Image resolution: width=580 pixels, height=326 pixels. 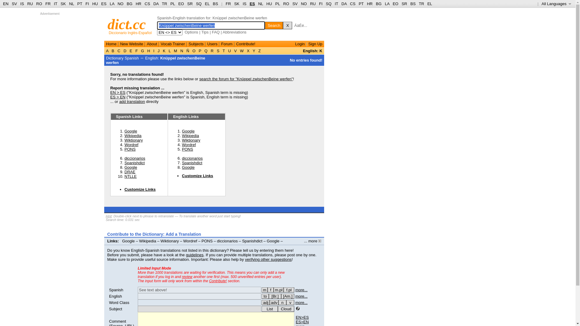 What do you see at coordinates (132, 101) in the screenshot?
I see `'add translation'` at bounding box center [132, 101].